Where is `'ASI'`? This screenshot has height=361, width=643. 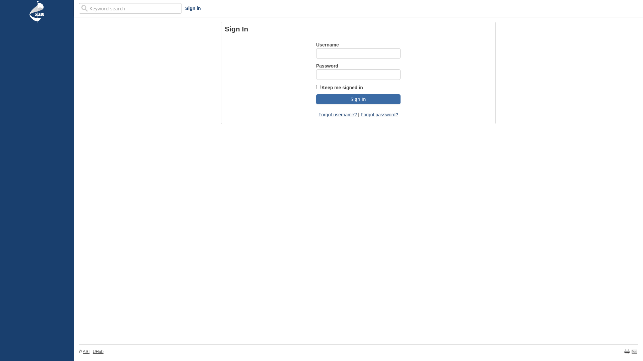
'ASI' is located at coordinates (86, 351).